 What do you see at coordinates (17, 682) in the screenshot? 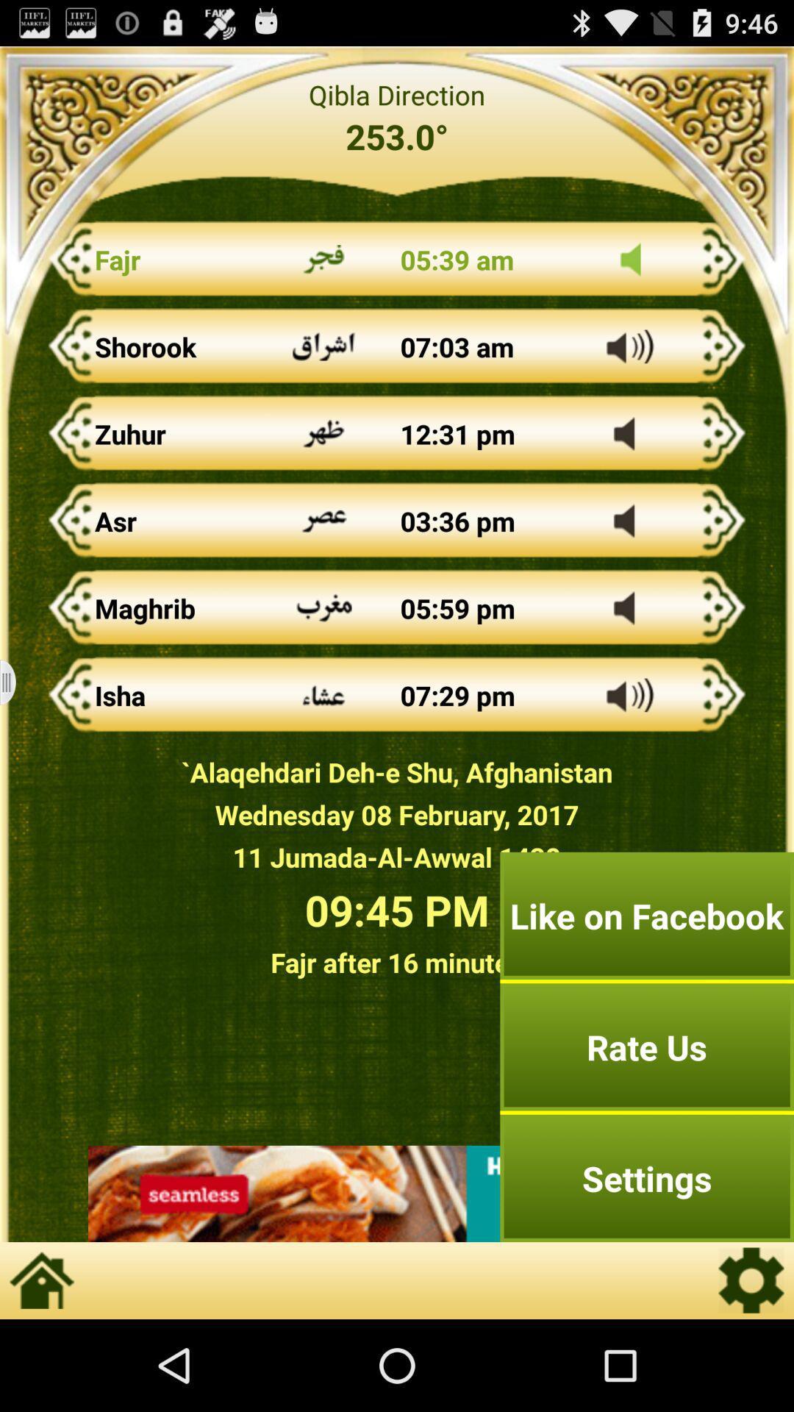
I see `minimize page` at bounding box center [17, 682].